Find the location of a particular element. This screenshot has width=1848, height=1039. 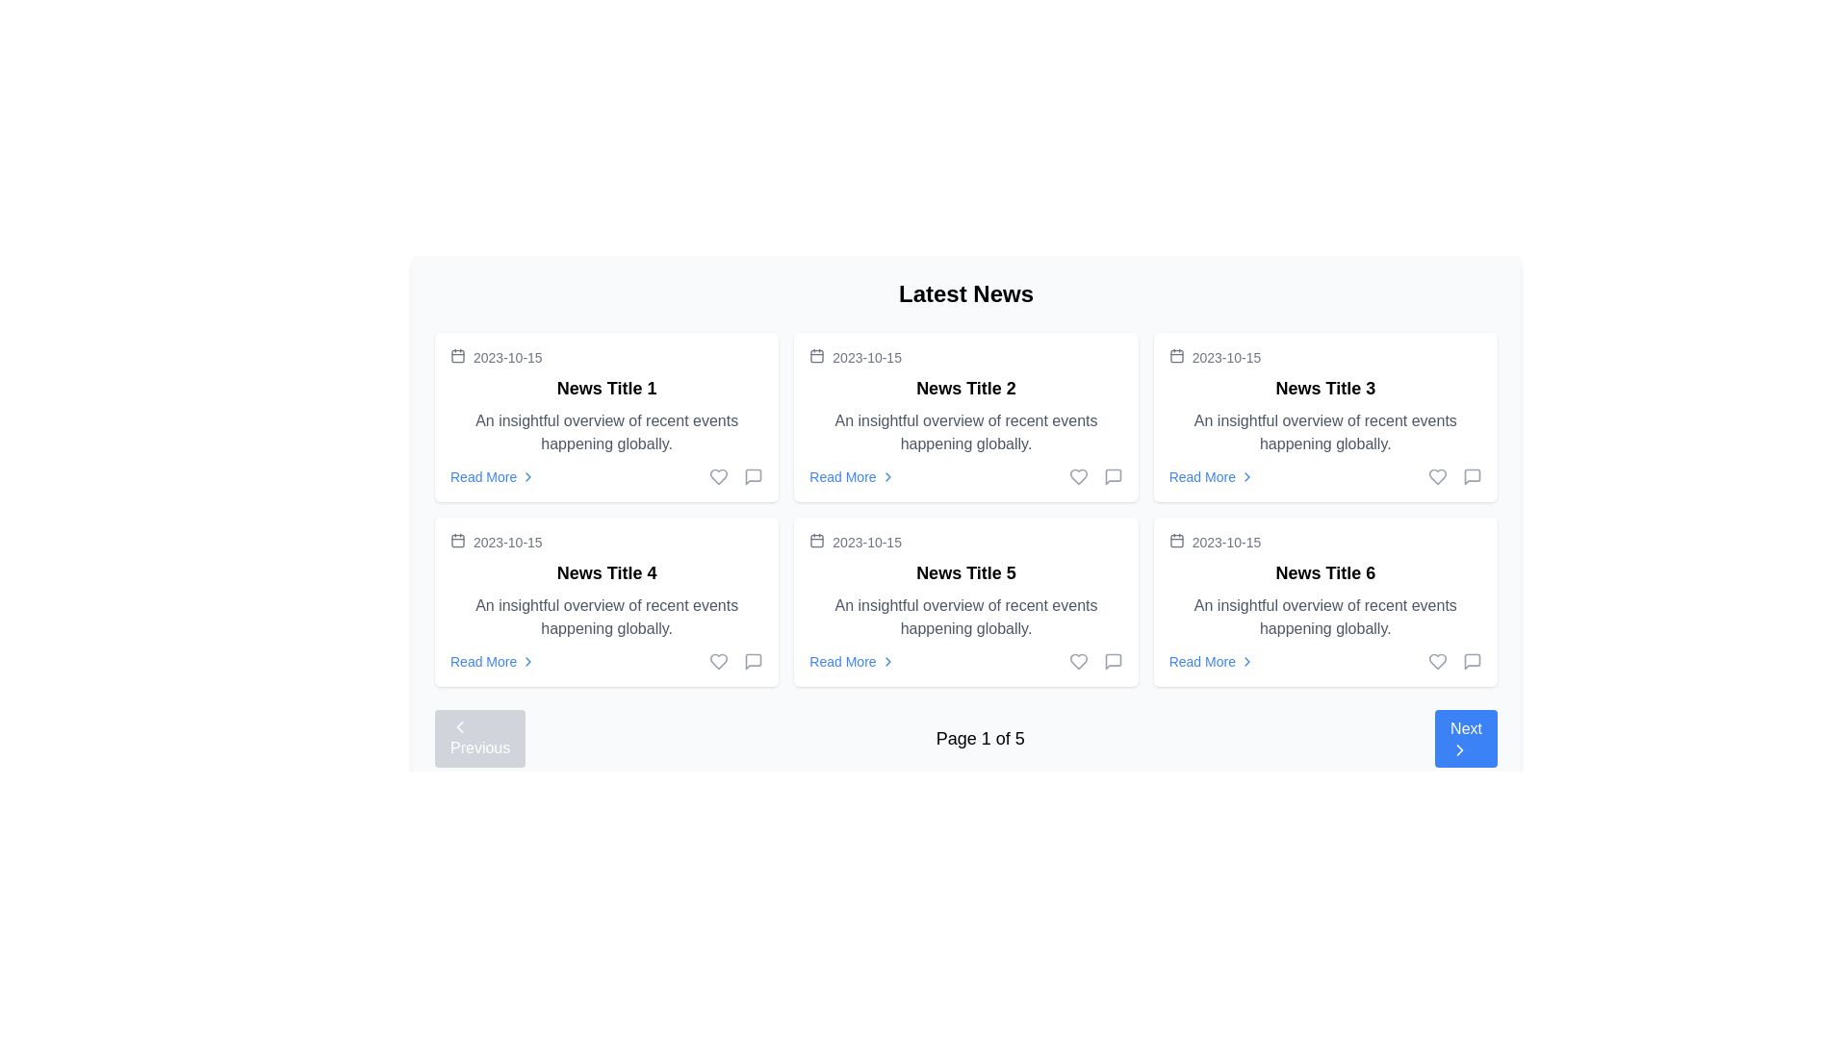

the 'like' or 'favorite' button located at the bottom-right corner of the 'News Title 5' card to observe the color change is located at coordinates (718, 660).